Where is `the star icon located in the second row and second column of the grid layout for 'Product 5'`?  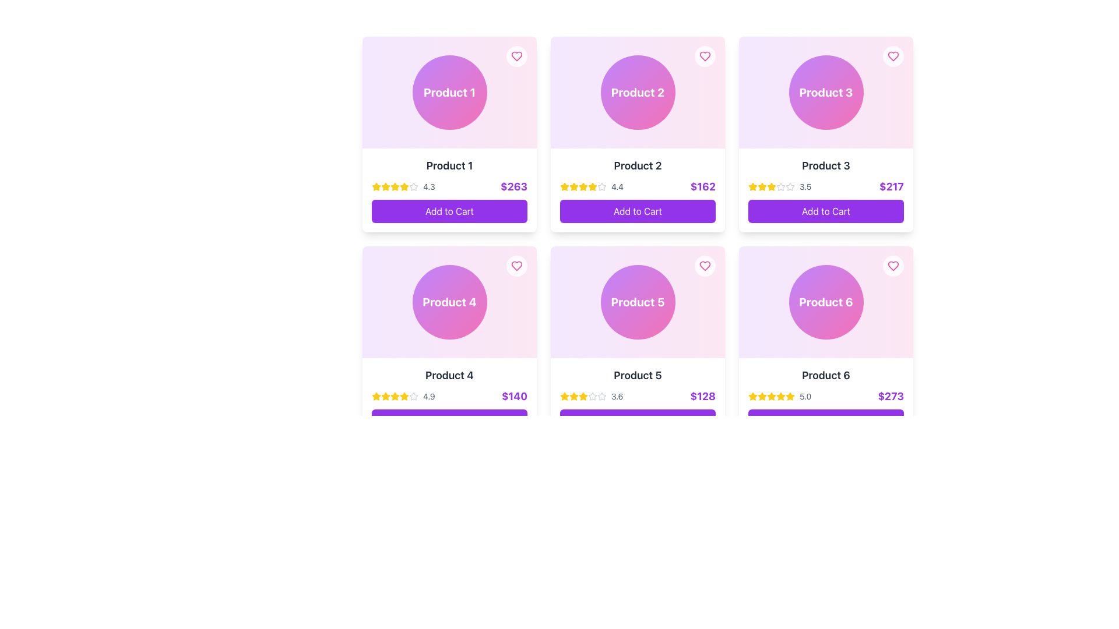 the star icon located in the second row and second column of the grid layout for 'Product 5' is located at coordinates (583, 395).